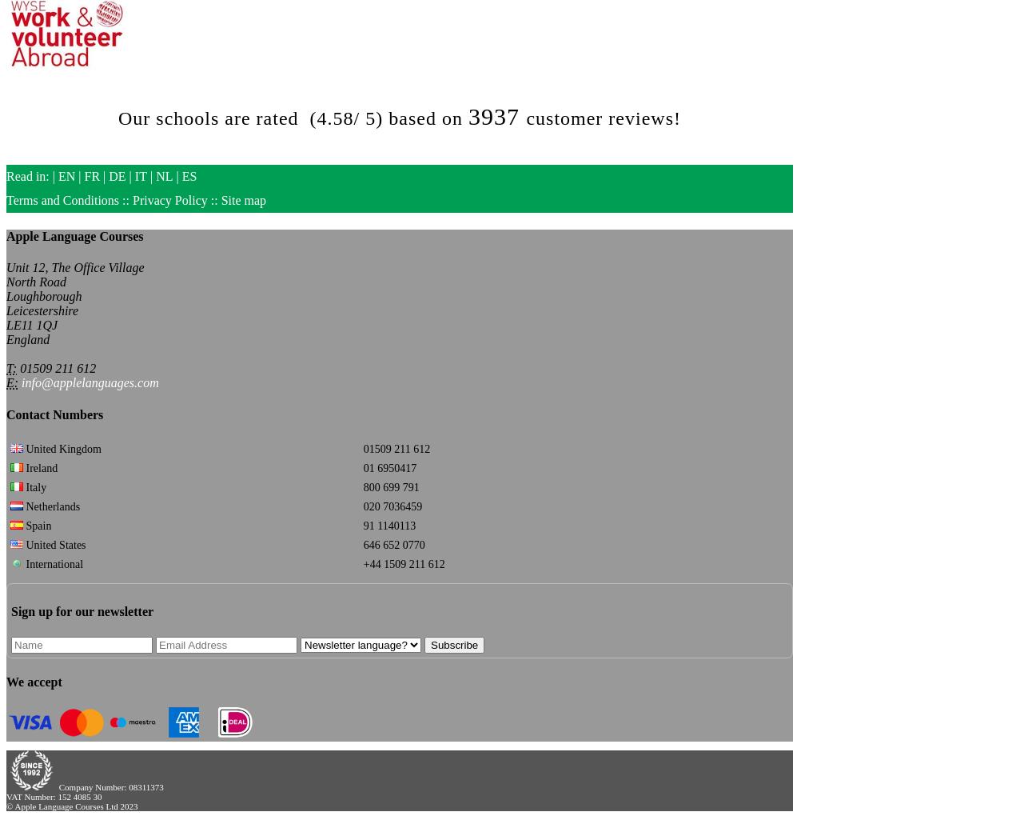 The image size is (1016, 816). Describe the element at coordinates (140, 175) in the screenshot. I see `'IT'` at that location.